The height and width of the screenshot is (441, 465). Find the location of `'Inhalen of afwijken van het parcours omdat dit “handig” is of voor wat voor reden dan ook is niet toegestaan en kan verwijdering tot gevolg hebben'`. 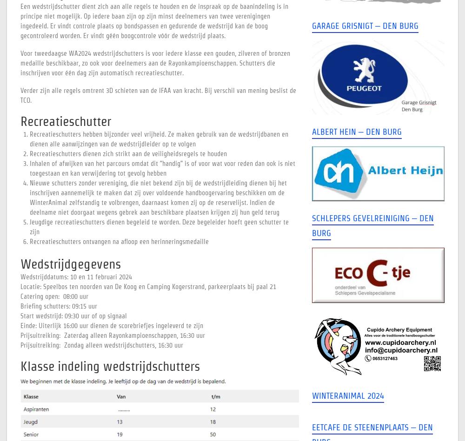

'Inhalen of afwijken van het parcours omdat dit “handig” is of voor wat voor reden dan ook is niet toegestaan en kan verwijdering tot gevolg hebben' is located at coordinates (162, 168).